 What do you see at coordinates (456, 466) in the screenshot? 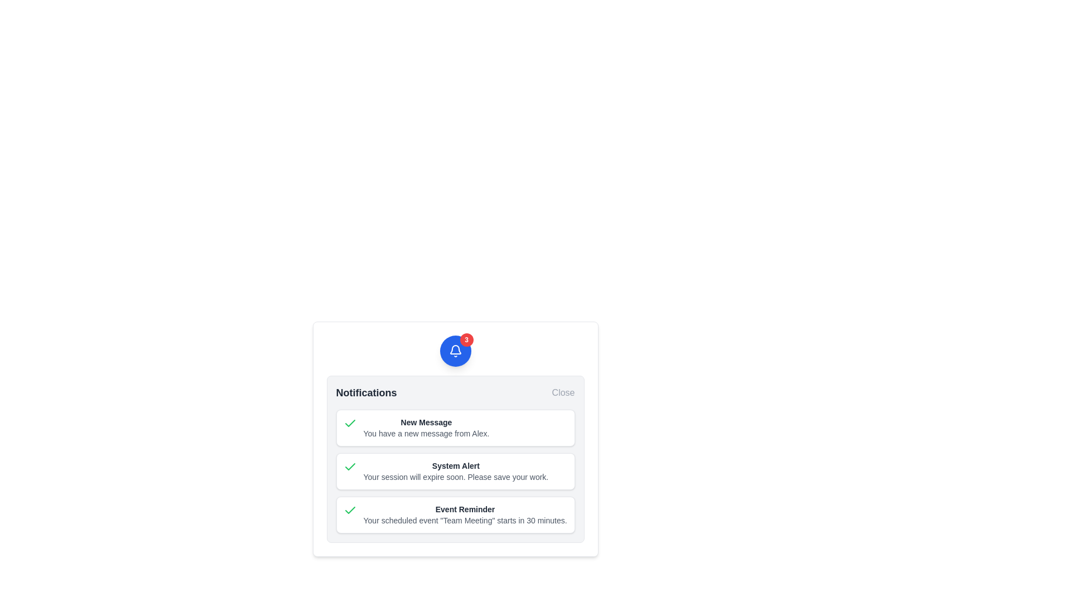
I see `text content of the 'System Alert' header displayed in bold dark gray within the notification card, located near the top center of the card` at bounding box center [456, 466].